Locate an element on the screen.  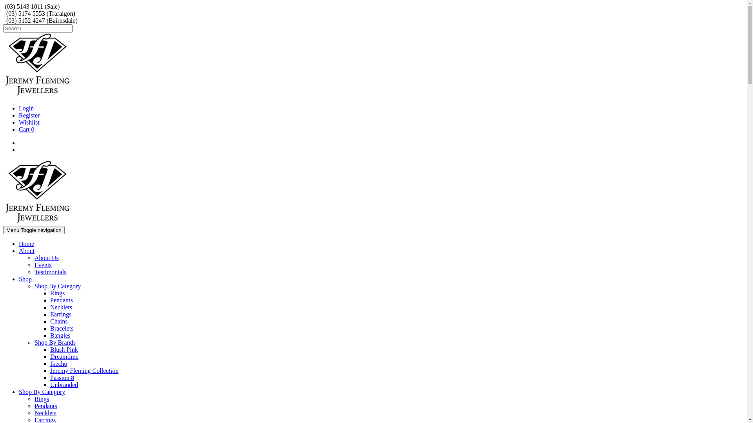
'Ikecho' is located at coordinates (58, 363).